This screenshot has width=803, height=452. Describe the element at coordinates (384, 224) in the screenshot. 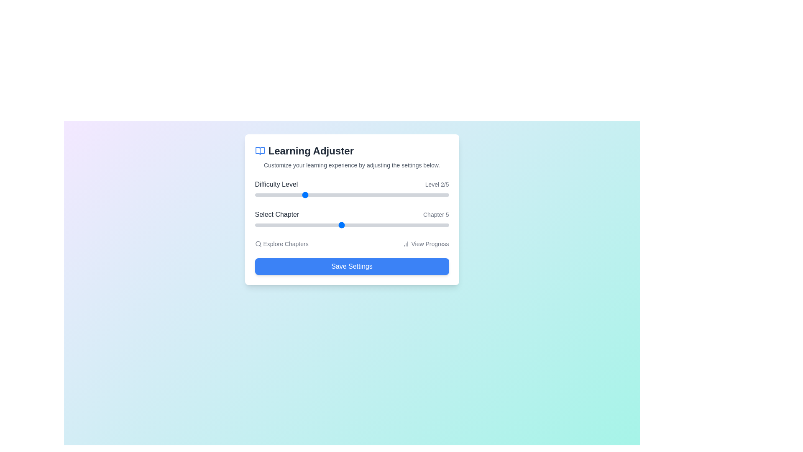

I see `the chapter selection slider` at that location.